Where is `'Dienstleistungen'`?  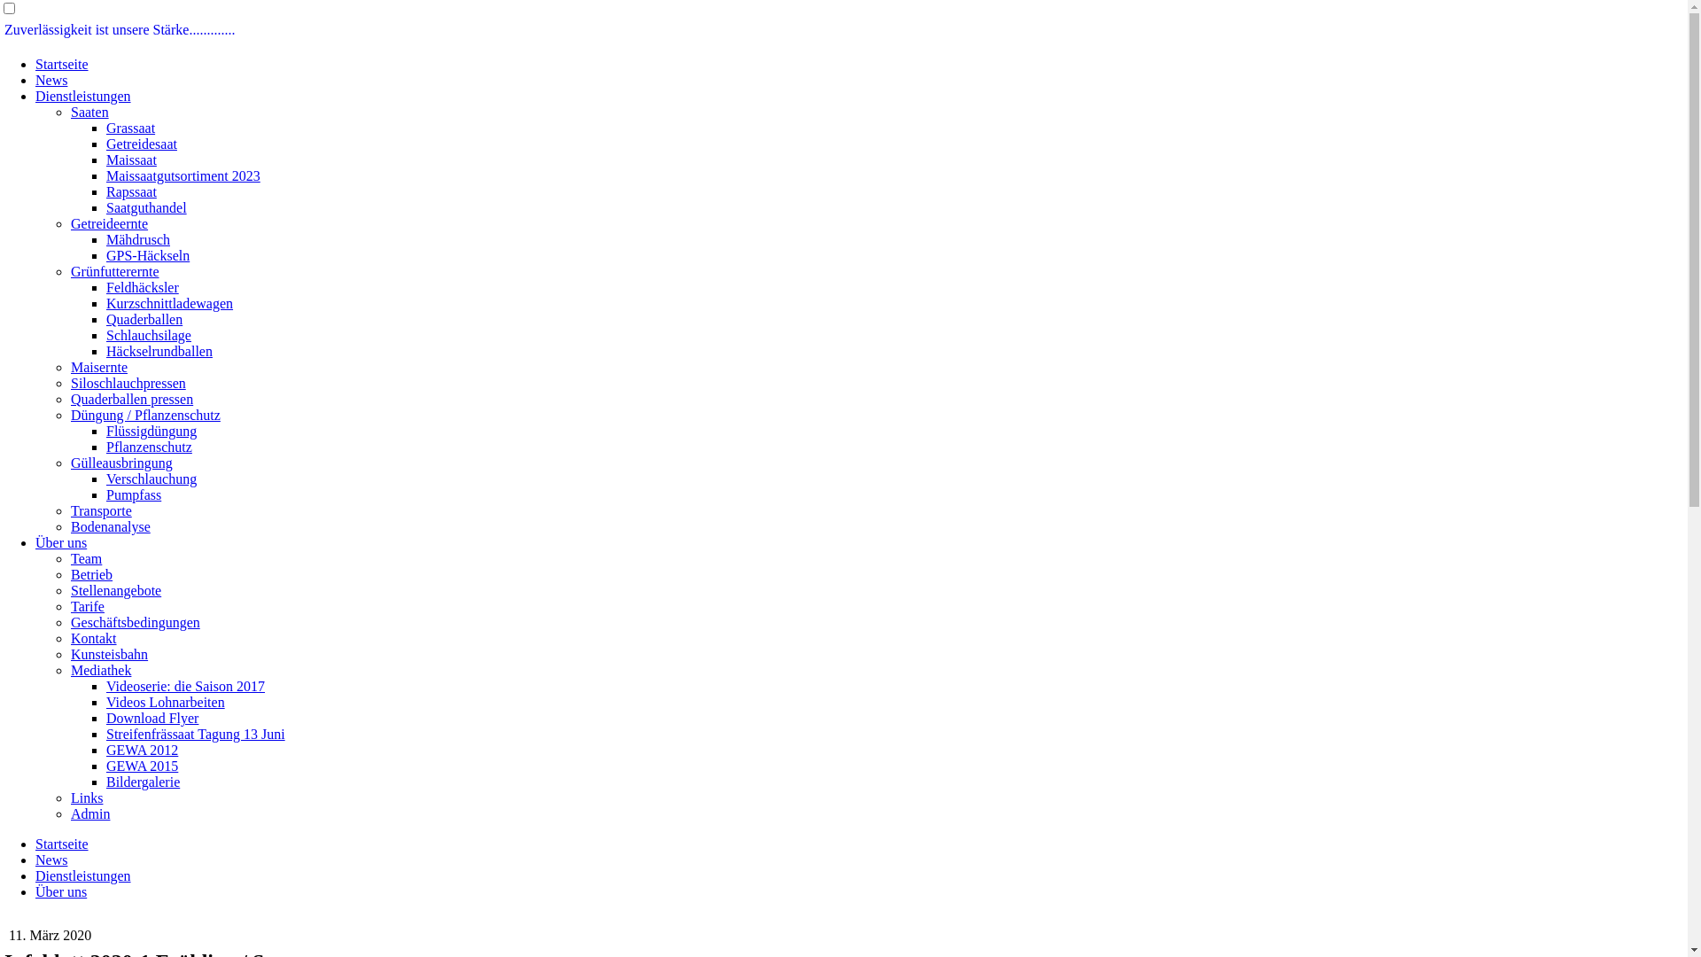 'Dienstleistungen' is located at coordinates (82, 96).